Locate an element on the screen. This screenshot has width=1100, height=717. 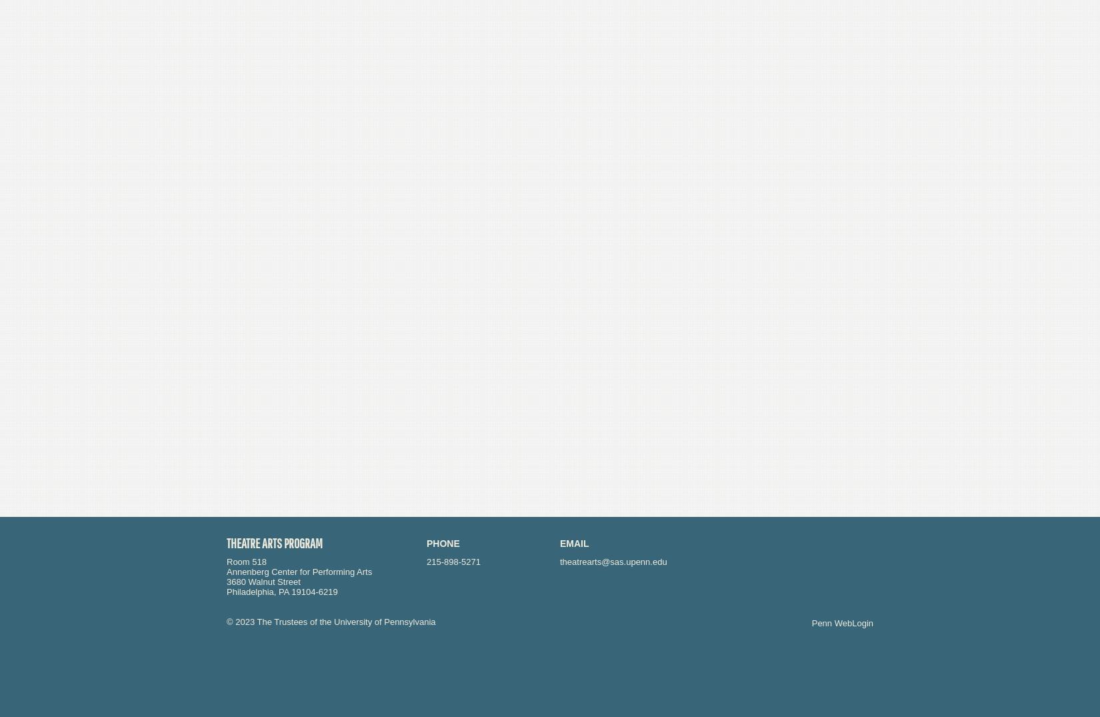
'theatrearts@sas.upenn.edu' is located at coordinates (613, 562).